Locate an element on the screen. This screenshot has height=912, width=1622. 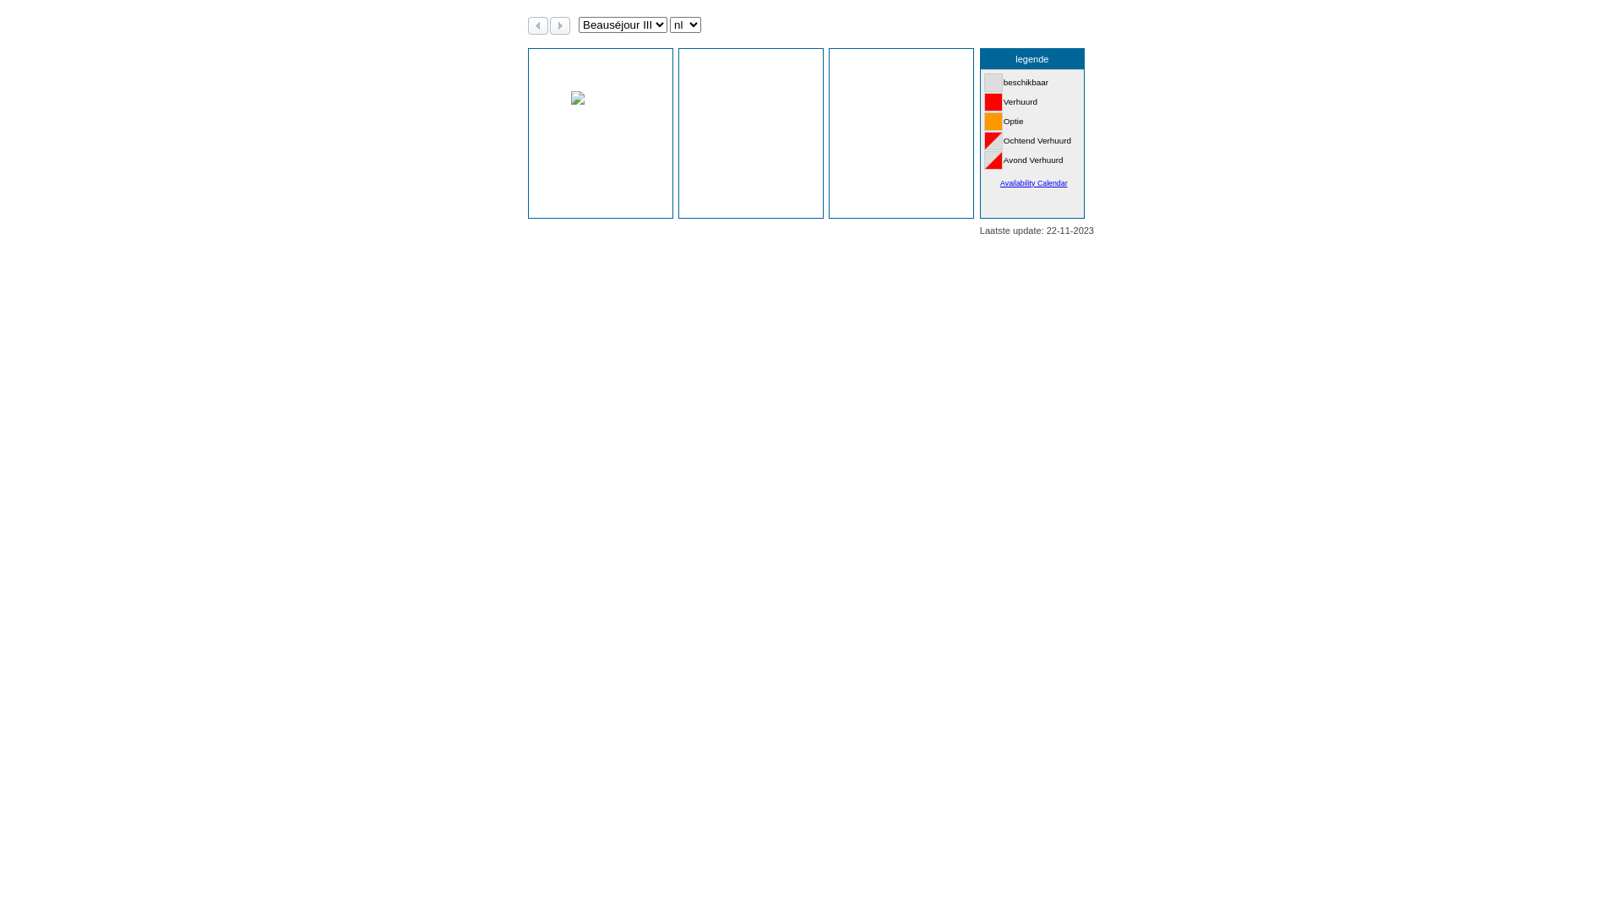
'volgende maanden' is located at coordinates (550, 28).